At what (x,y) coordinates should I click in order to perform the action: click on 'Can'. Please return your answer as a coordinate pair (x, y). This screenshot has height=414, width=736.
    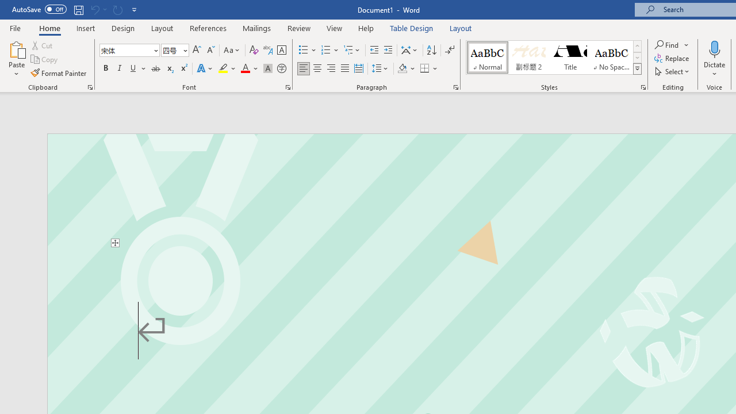
    Looking at the image, I should click on (98, 9).